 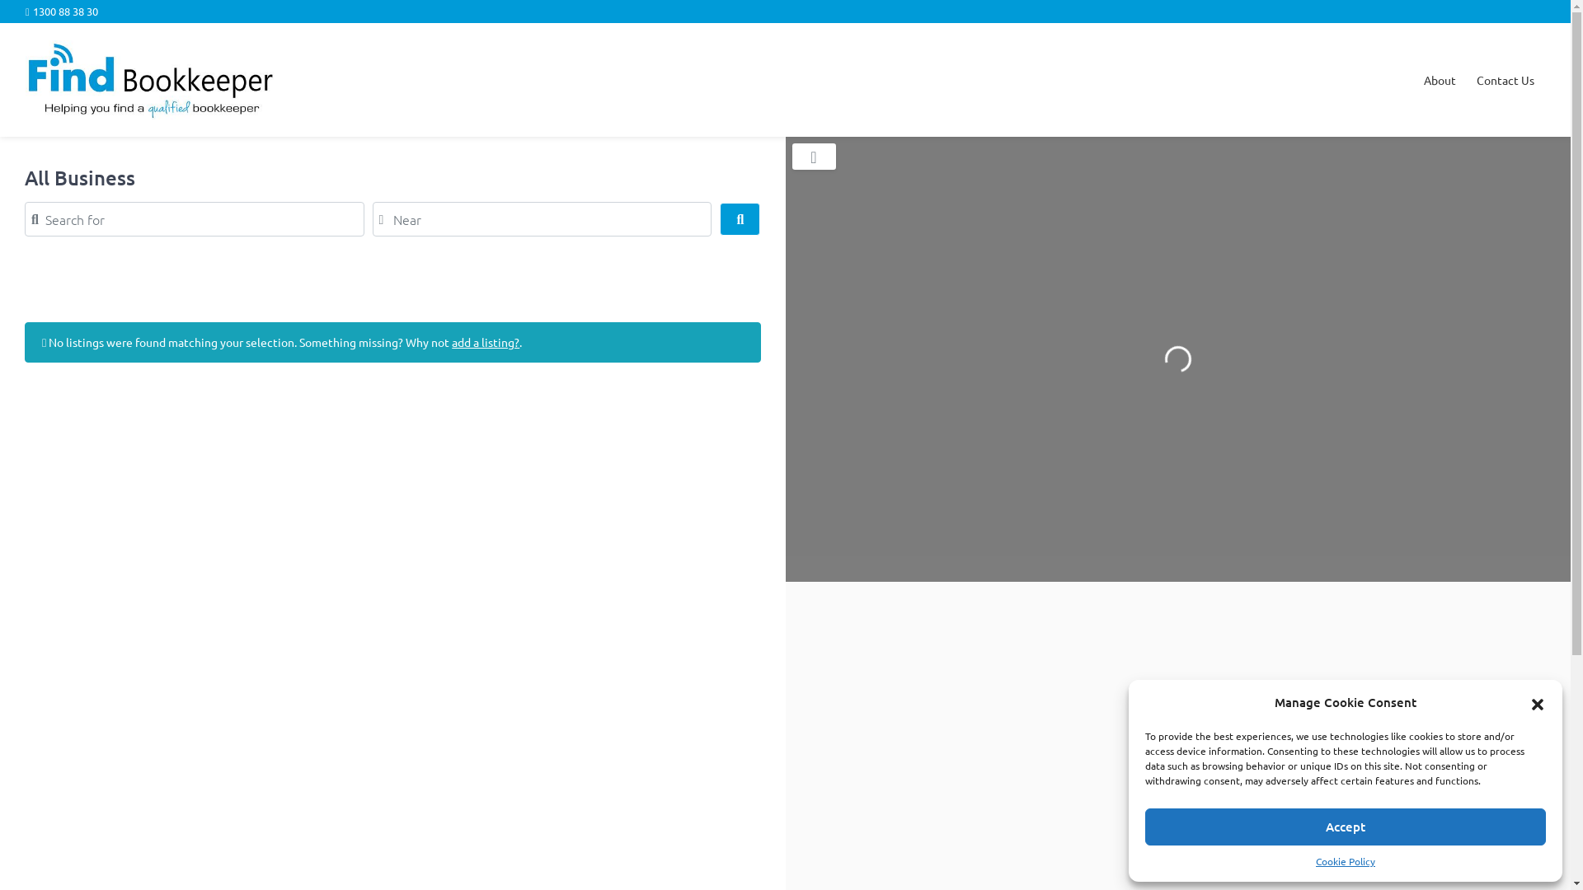 What do you see at coordinates (1346, 827) in the screenshot?
I see `'Accept'` at bounding box center [1346, 827].